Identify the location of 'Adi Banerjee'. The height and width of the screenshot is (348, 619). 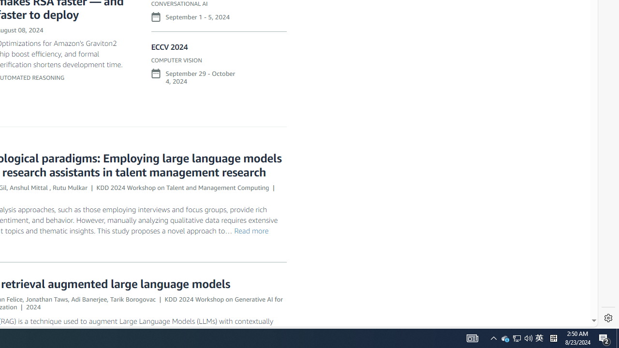
(89, 298).